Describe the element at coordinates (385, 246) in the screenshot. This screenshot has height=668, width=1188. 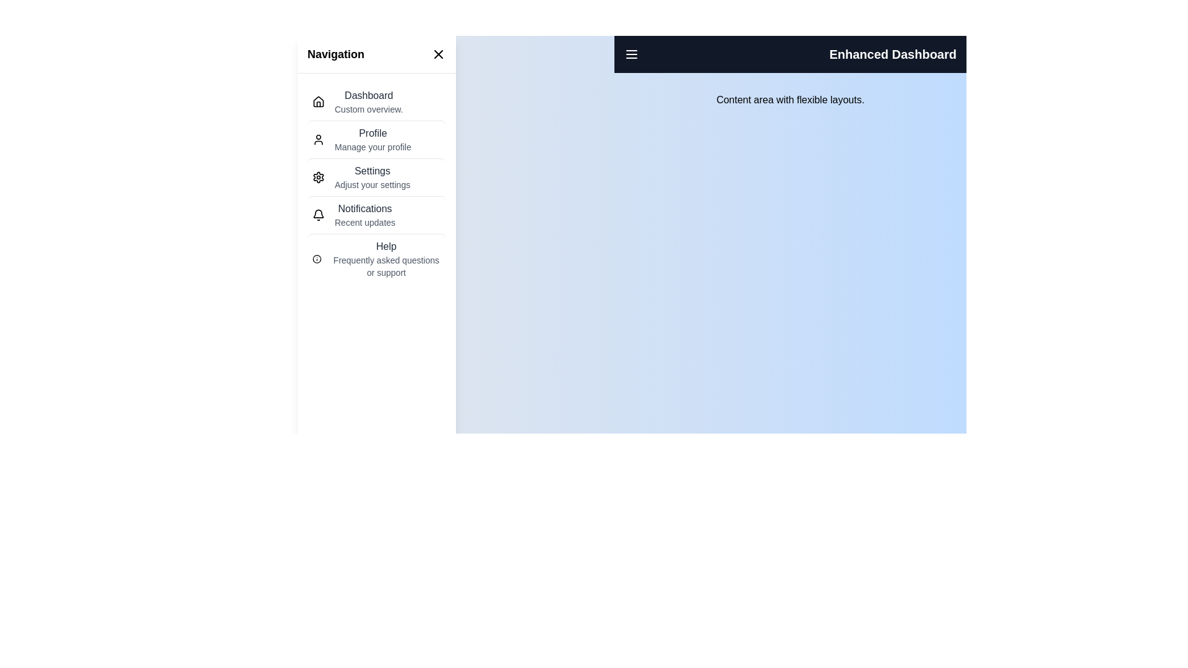
I see `'Help' text label located in the left navigation panel, styled with medium font weight and gray color, positioned above the 'Frequently asked questions or support' text` at that location.